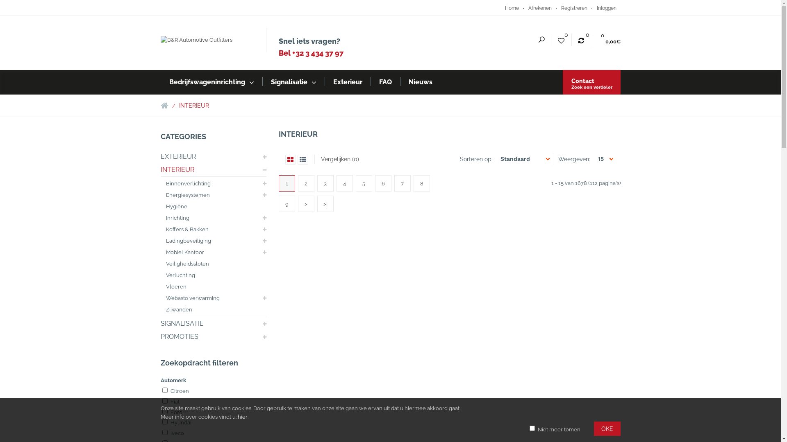  Describe the element at coordinates (591, 82) in the screenshot. I see `'Contact` at that location.